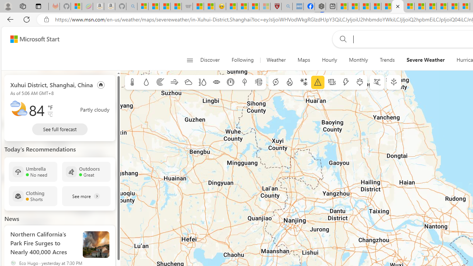 The image size is (473, 266). Describe the element at coordinates (188, 82) in the screenshot. I see `'Clouds'` at that location.